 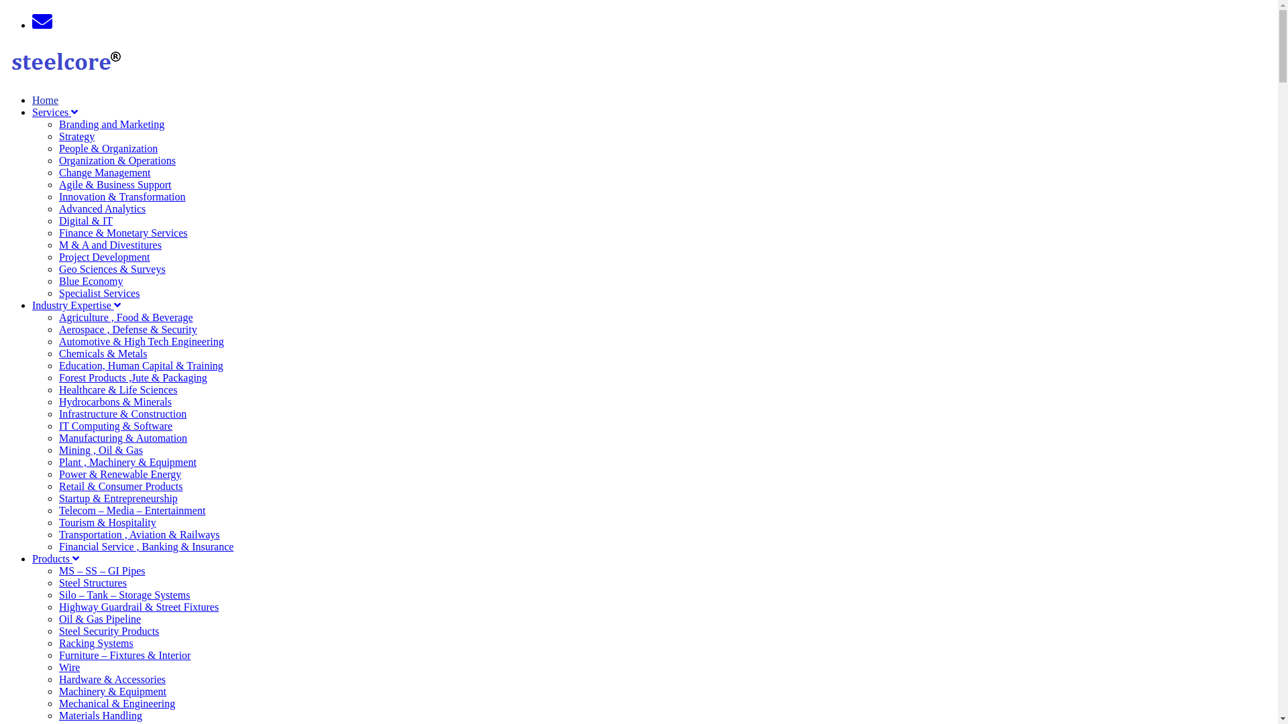 I want to click on 'Financial Service , Banking & Insurance', so click(x=58, y=546).